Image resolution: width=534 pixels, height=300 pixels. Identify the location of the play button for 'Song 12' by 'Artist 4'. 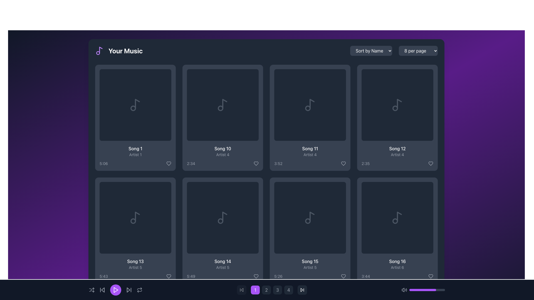
(397, 105).